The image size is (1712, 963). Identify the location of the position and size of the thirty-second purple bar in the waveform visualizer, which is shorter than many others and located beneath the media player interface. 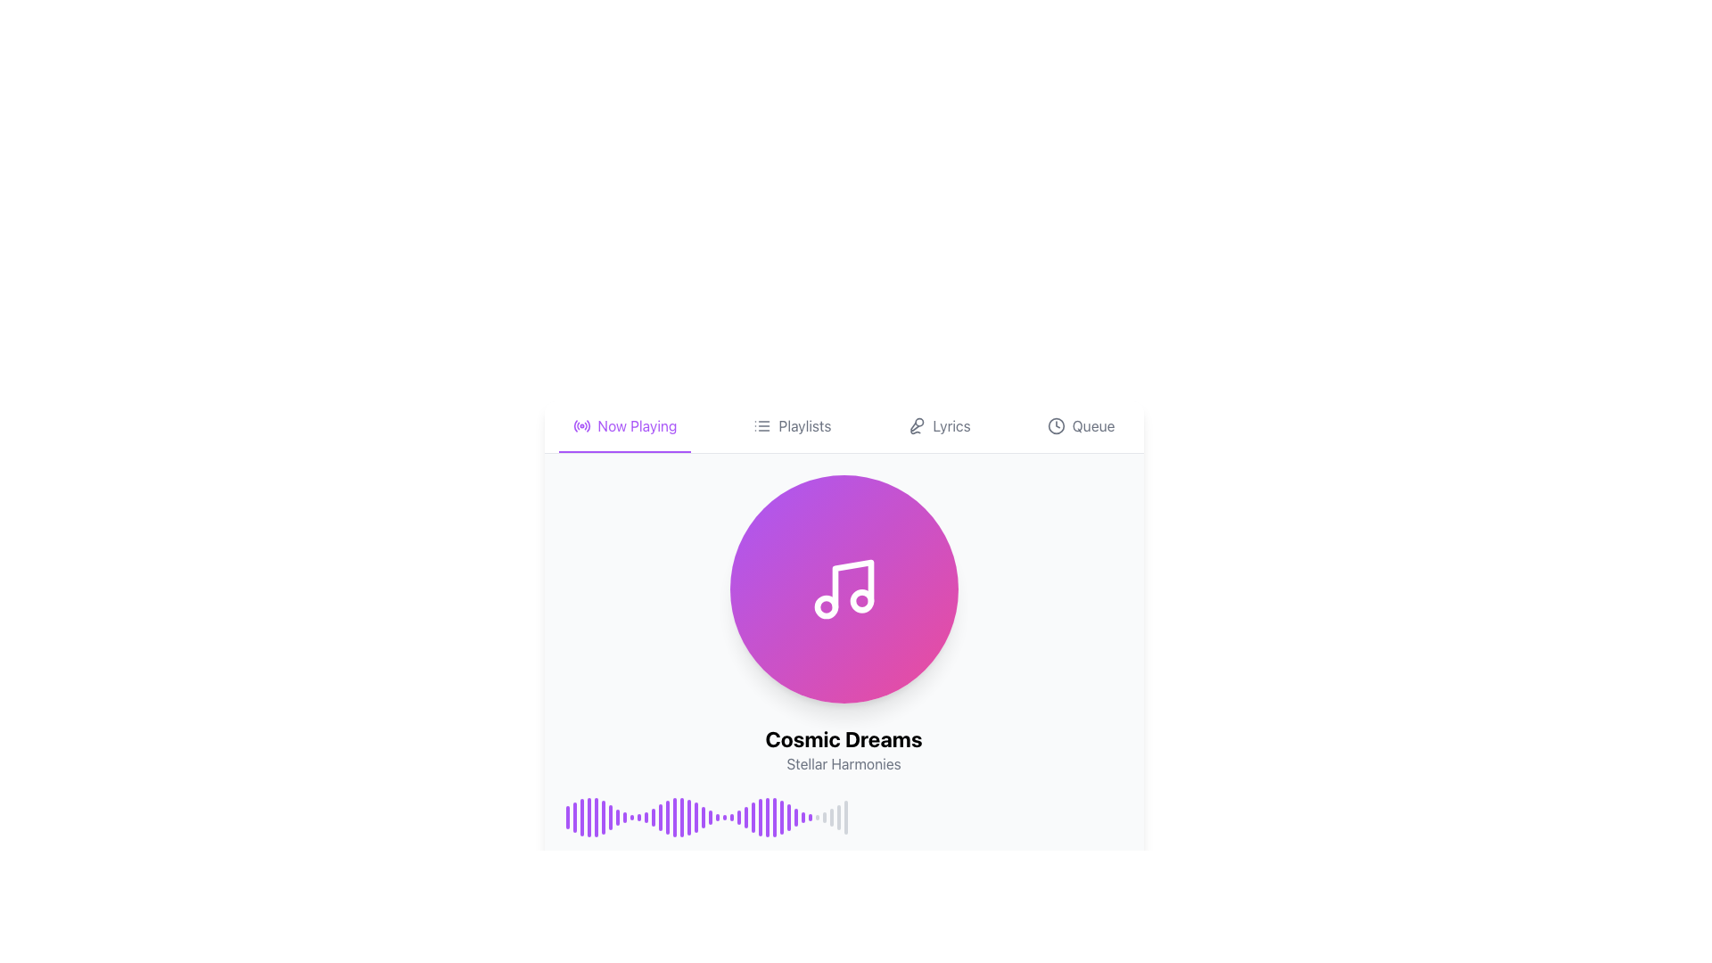
(802, 818).